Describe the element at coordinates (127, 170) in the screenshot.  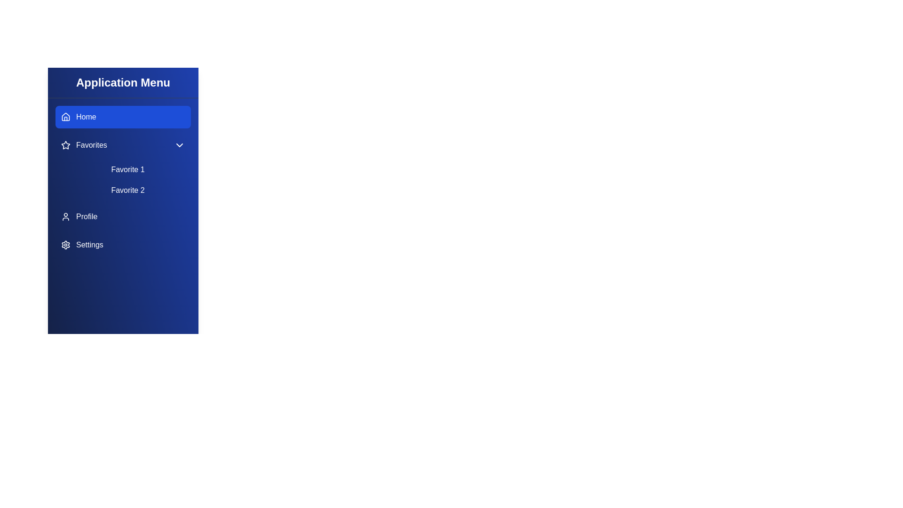
I see `the 'Favorite 1' button in the sidebar menu` at that location.